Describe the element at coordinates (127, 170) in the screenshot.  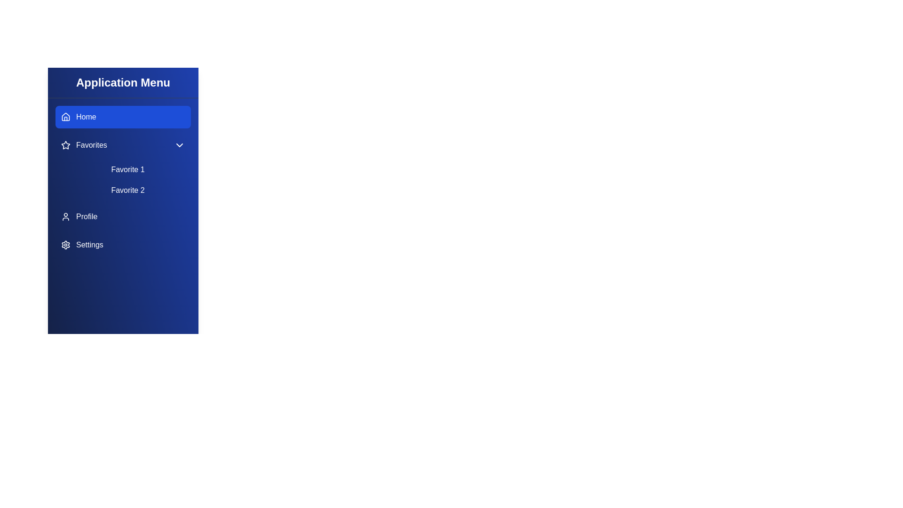
I see `the 'Favorite 1' button in the sidebar menu` at that location.